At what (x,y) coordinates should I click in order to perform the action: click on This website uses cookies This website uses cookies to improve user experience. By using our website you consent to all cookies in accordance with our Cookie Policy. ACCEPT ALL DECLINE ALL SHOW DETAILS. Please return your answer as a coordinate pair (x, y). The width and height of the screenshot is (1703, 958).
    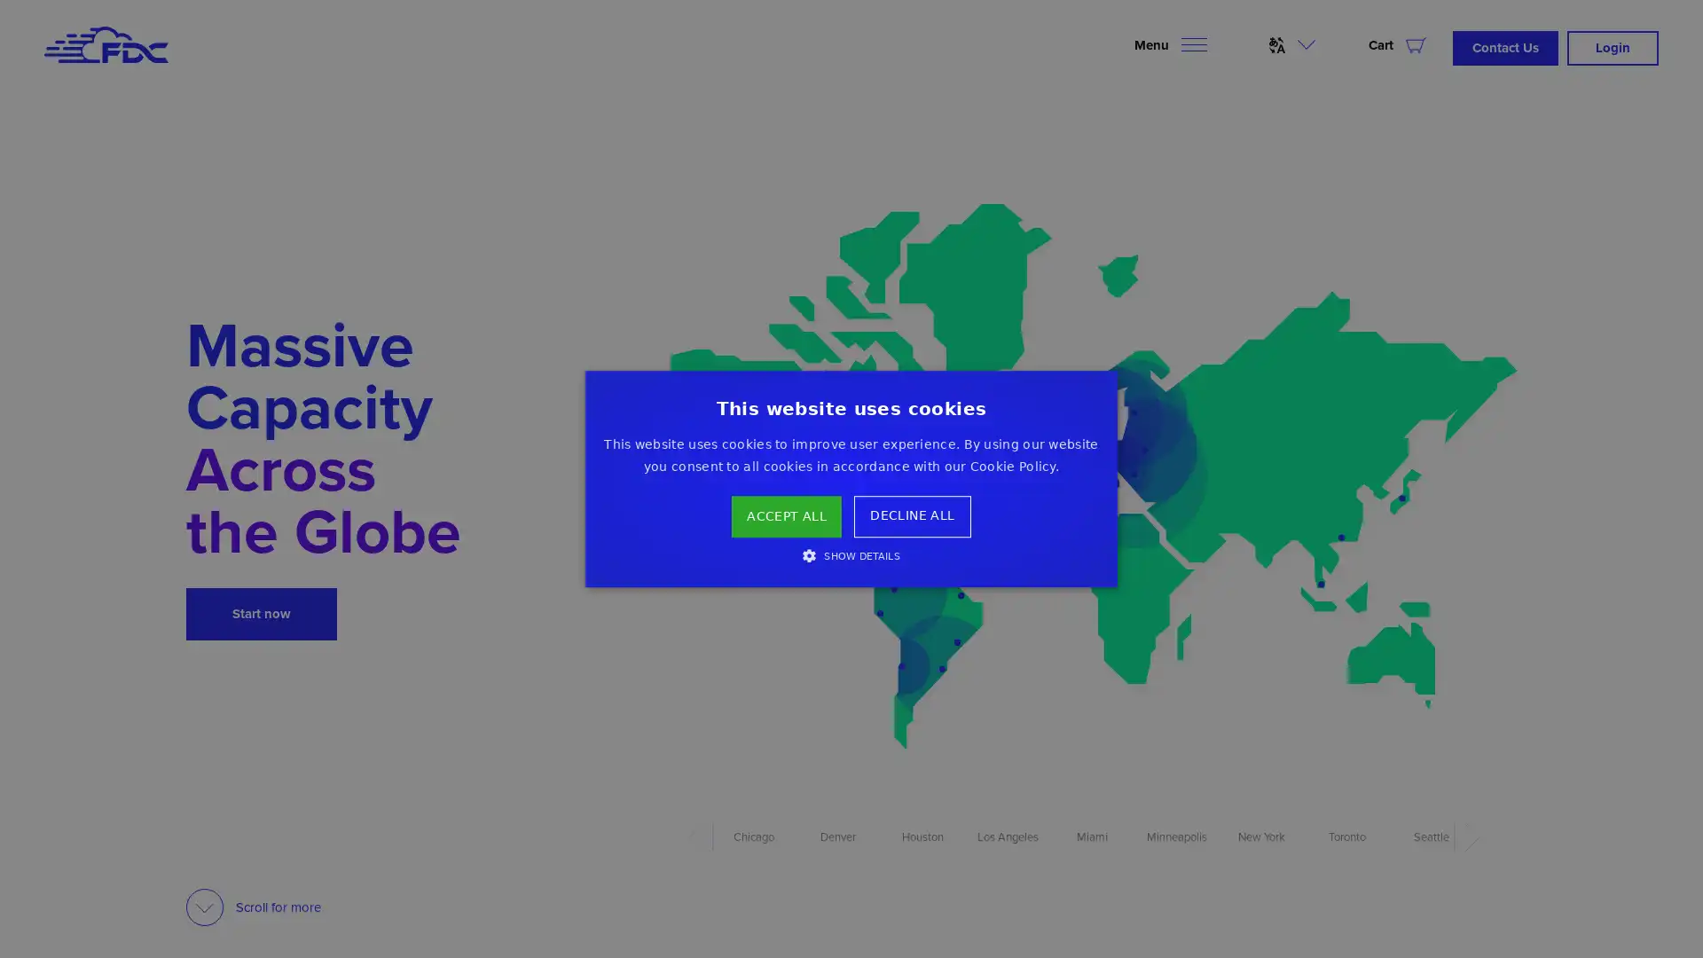
    Looking at the image, I should click on (851, 477).